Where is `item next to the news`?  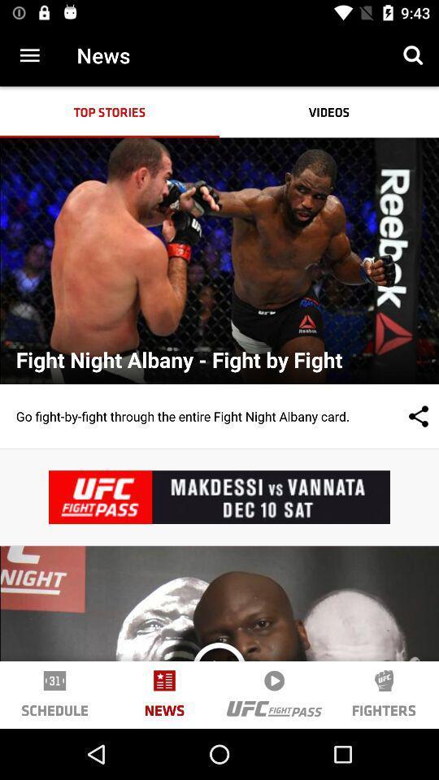 item next to the news is located at coordinates (29, 55).